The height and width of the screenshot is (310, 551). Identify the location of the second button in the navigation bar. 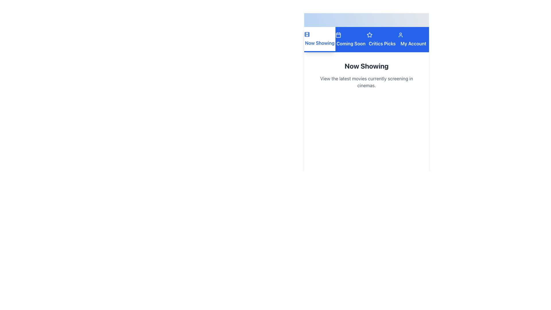
(351, 39).